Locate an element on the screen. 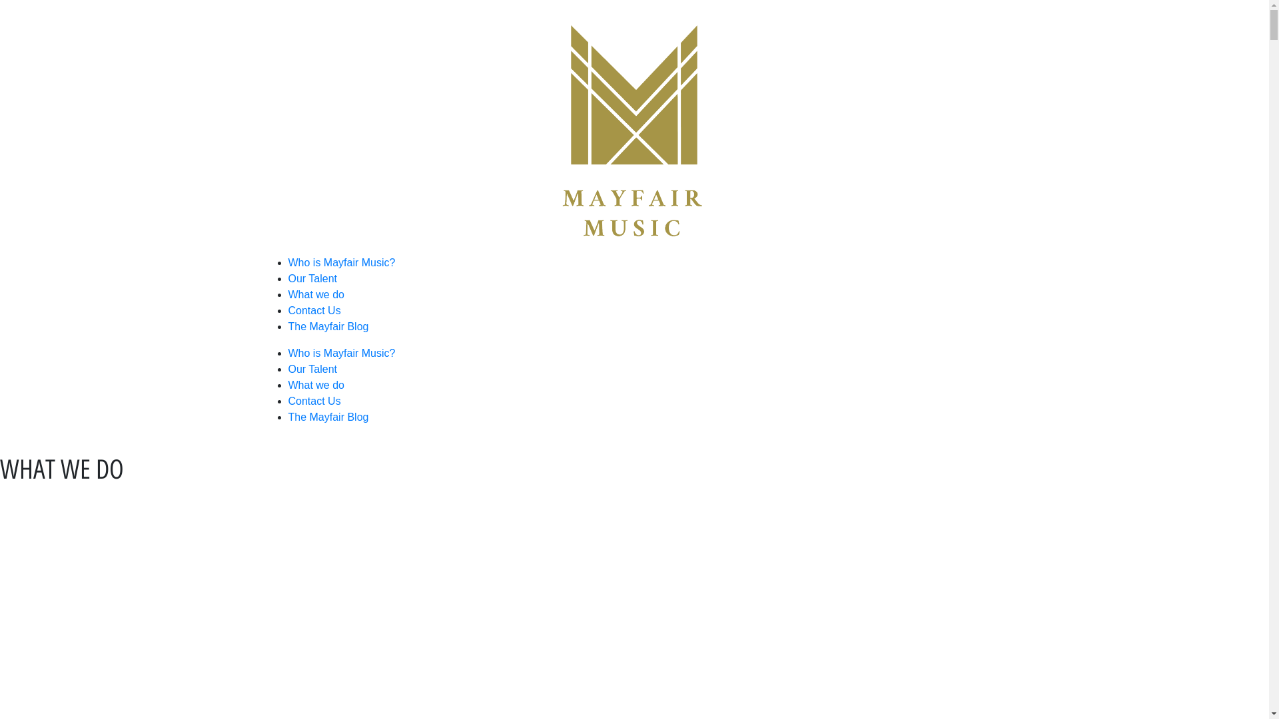 The height and width of the screenshot is (719, 1279). 'Contact Us' is located at coordinates (287, 400).